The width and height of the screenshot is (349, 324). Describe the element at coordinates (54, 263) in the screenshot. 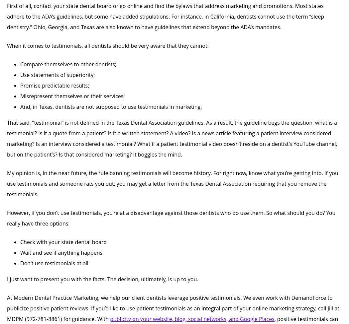

I see `'Don’t use testimonials at all'` at that location.